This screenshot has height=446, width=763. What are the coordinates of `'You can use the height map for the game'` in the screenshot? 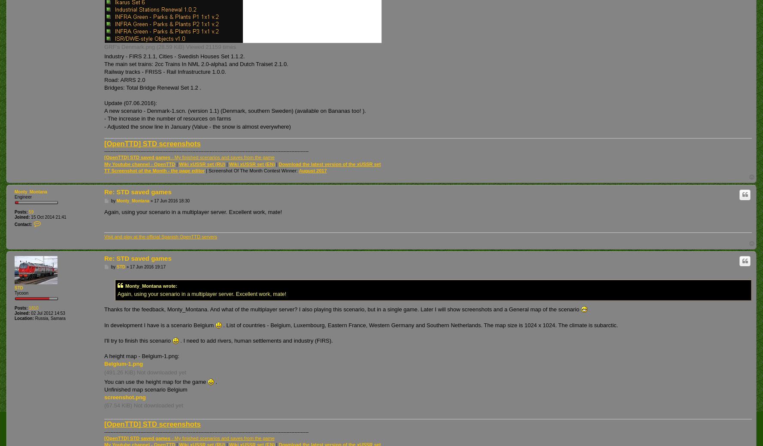 It's located at (155, 381).